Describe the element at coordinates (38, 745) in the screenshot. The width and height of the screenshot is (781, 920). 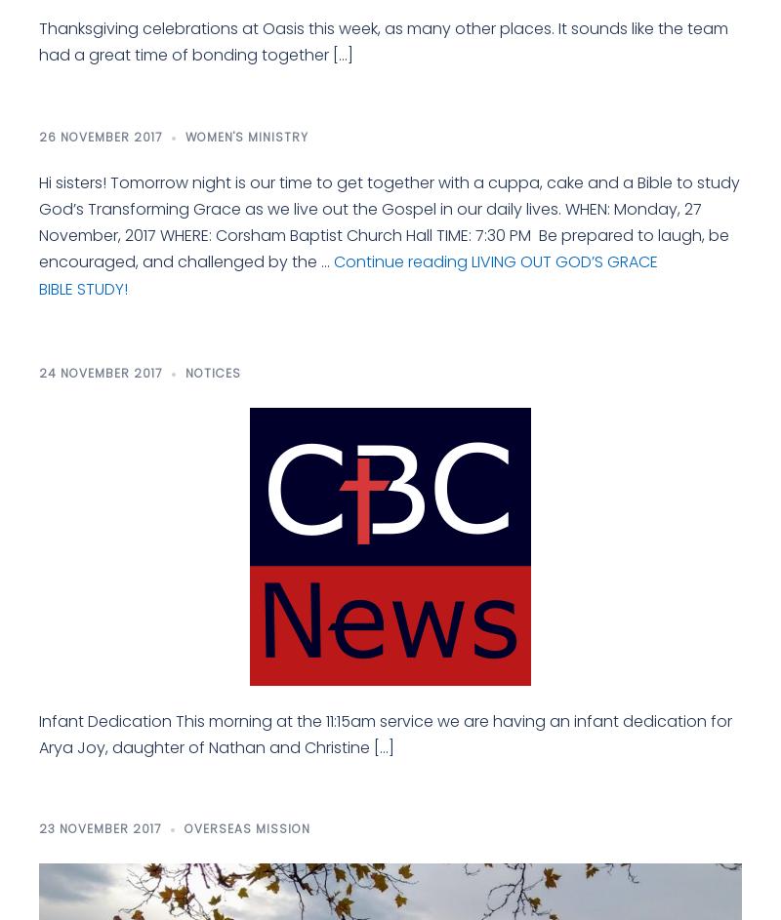
I see `'Privacy Notice'` at that location.